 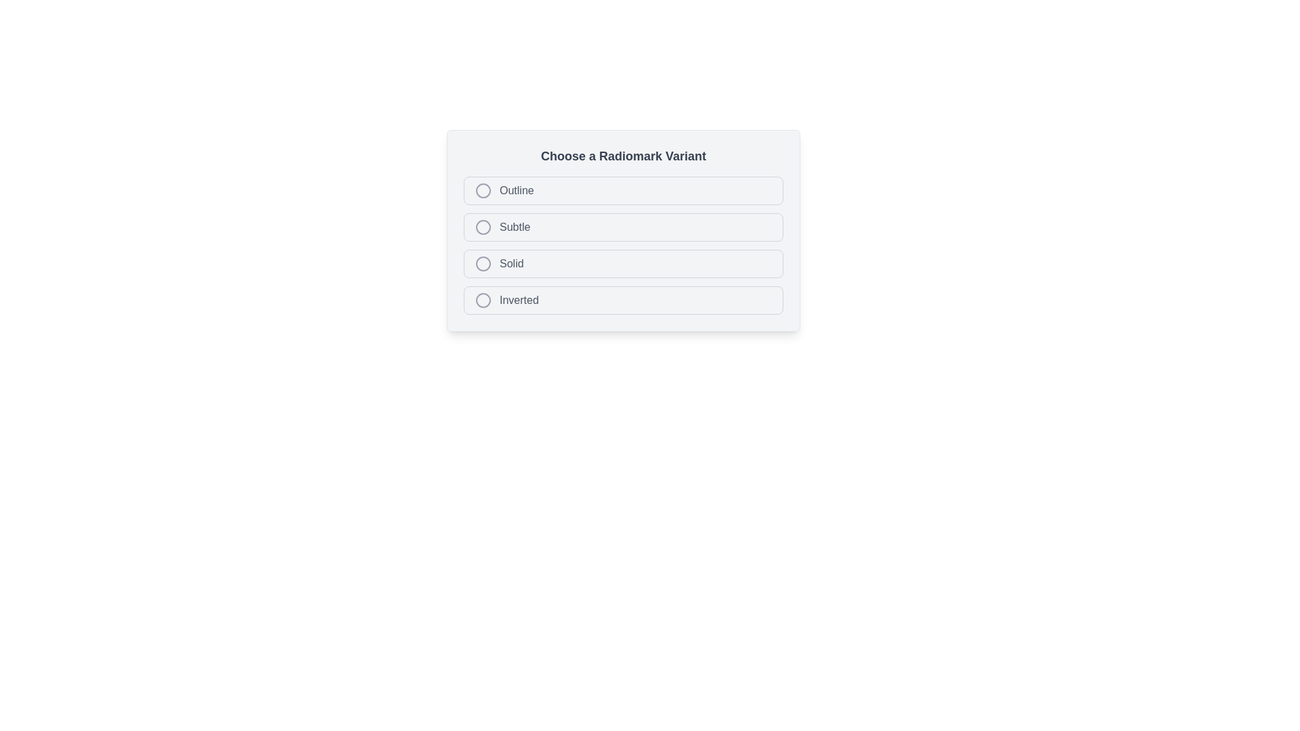 I want to click on the radio button indicator circle, so click(x=483, y=263).